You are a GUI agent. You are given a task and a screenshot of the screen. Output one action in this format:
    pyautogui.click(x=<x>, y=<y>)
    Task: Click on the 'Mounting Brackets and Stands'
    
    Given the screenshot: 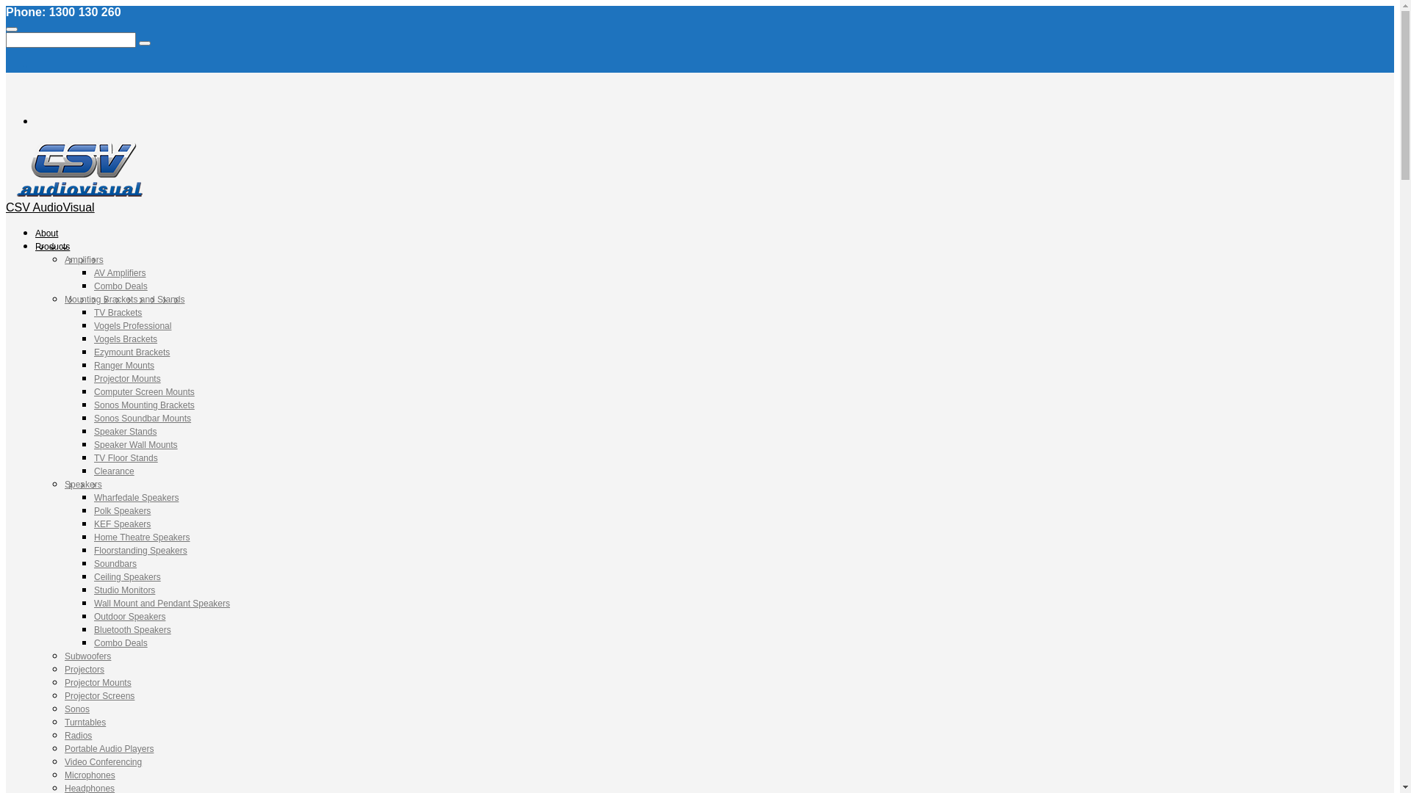 What is the action you would take?
    pyautogui.click(x=124, y=299)
    